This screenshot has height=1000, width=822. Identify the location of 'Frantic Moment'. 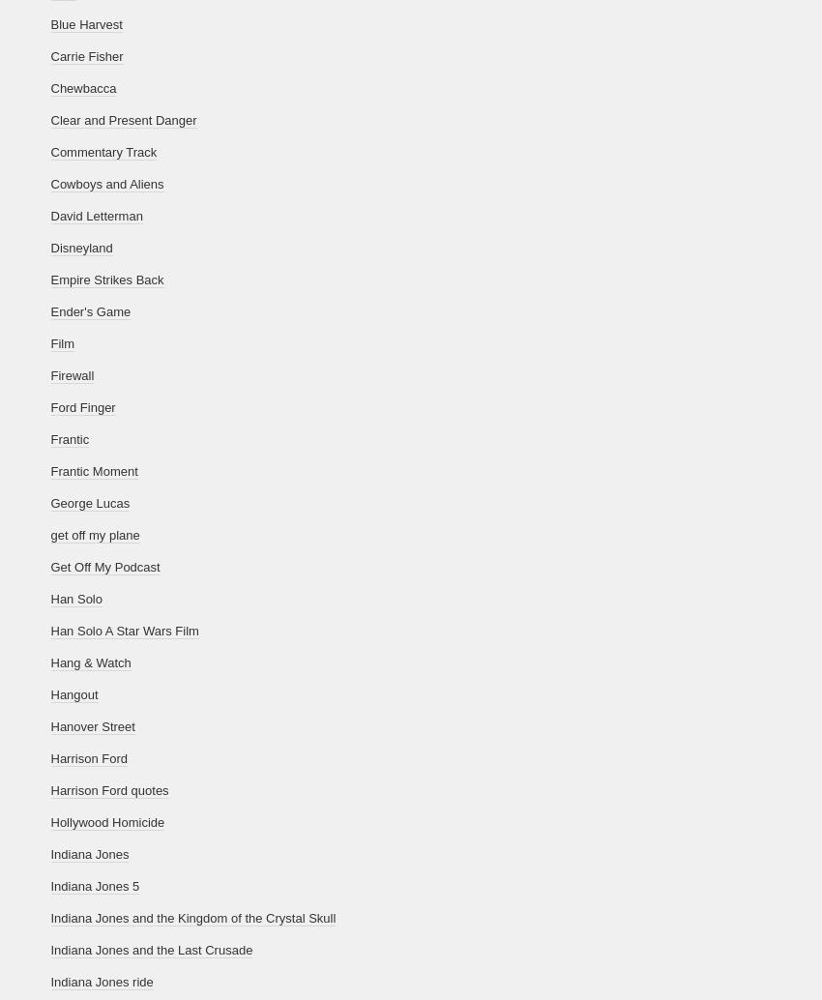
(92, 470).